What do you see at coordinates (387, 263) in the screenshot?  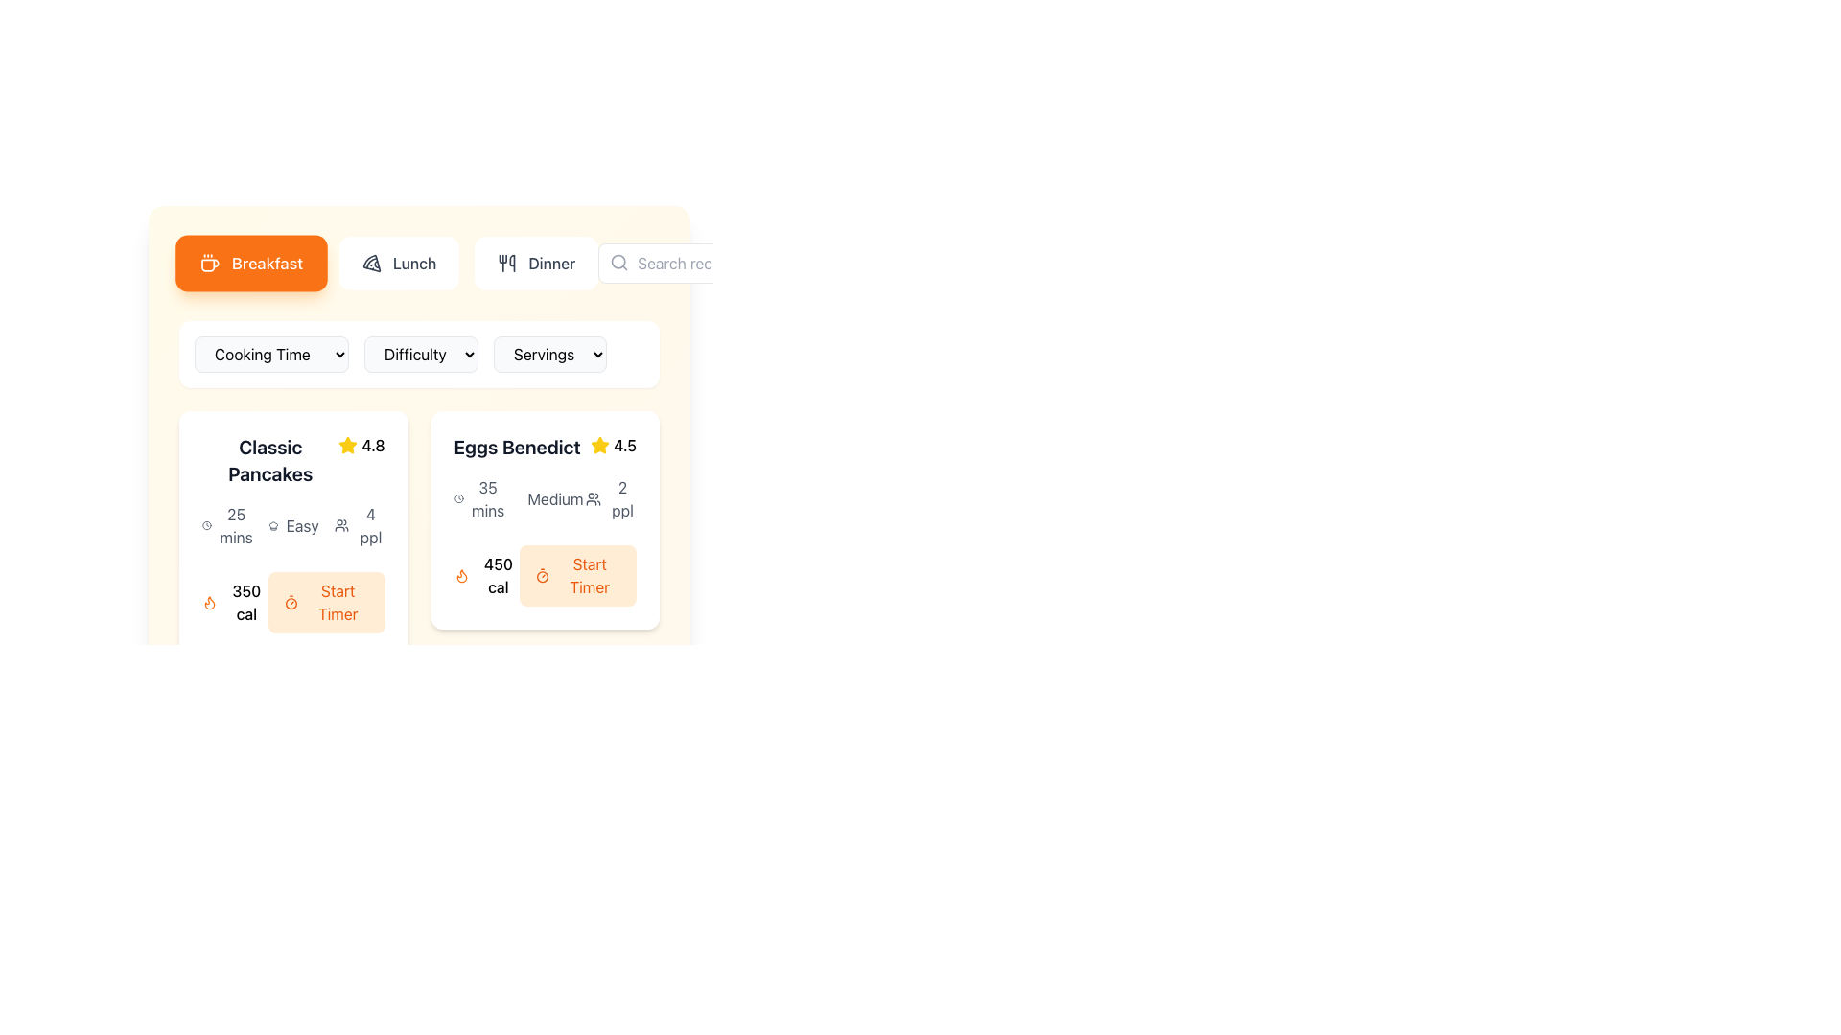 I see `the 'Lunch' navigational tab button, which is the second tab in the navigation bar at the top of the interface` at bounding box center [387, 263].